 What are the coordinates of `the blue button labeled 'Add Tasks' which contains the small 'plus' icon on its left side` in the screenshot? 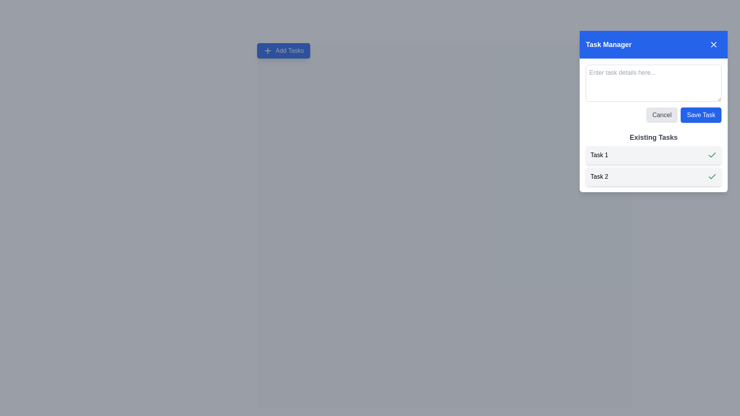 It's located at (268, 50).